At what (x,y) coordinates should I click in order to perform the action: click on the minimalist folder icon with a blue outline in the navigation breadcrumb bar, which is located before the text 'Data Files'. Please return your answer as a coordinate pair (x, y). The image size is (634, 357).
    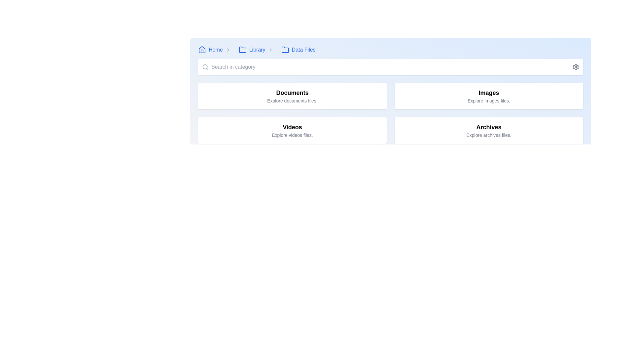
    Looking at the image, I should click on (285, 49).